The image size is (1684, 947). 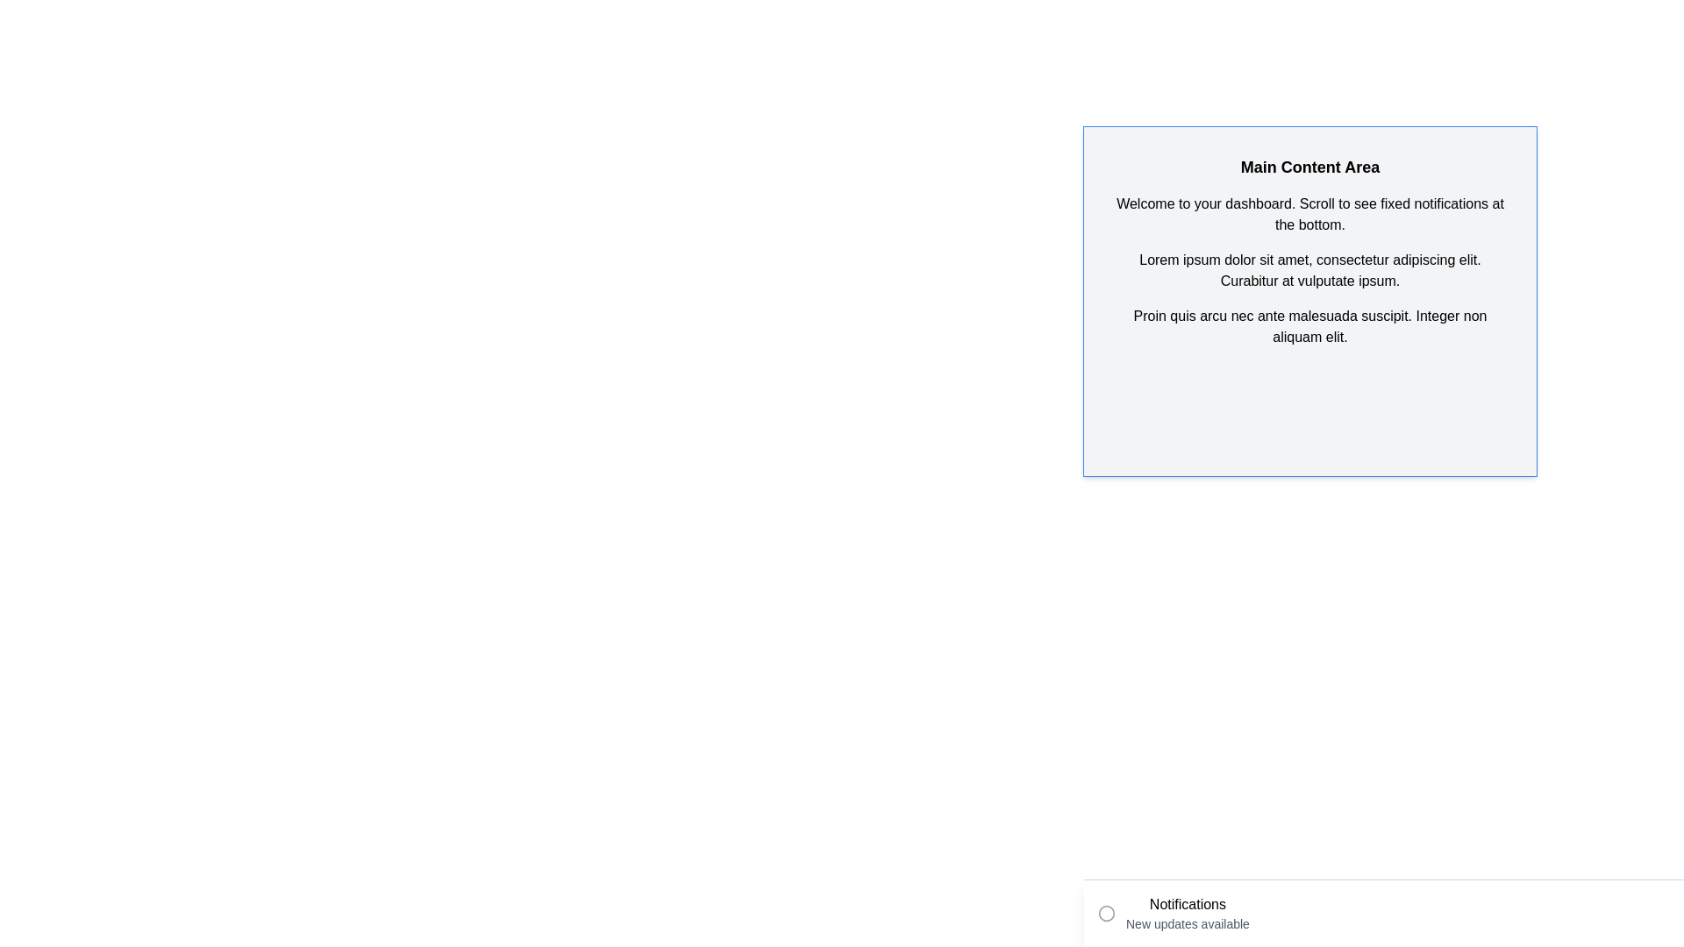 I want to click on the Static Text element that contains the message 'Welcome to your dashboard. Scroll, so click(x=1309, y=214).